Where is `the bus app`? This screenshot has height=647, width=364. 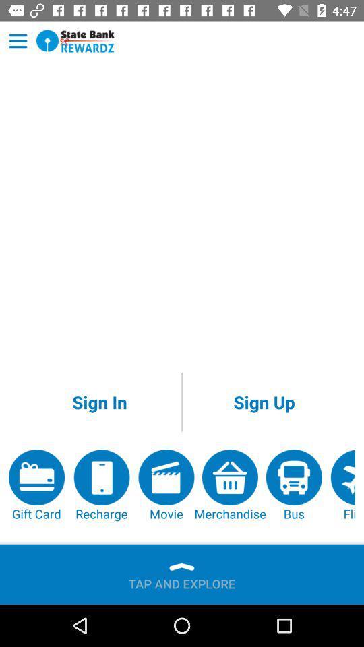 the bus app is located at coordinates (293, 485).